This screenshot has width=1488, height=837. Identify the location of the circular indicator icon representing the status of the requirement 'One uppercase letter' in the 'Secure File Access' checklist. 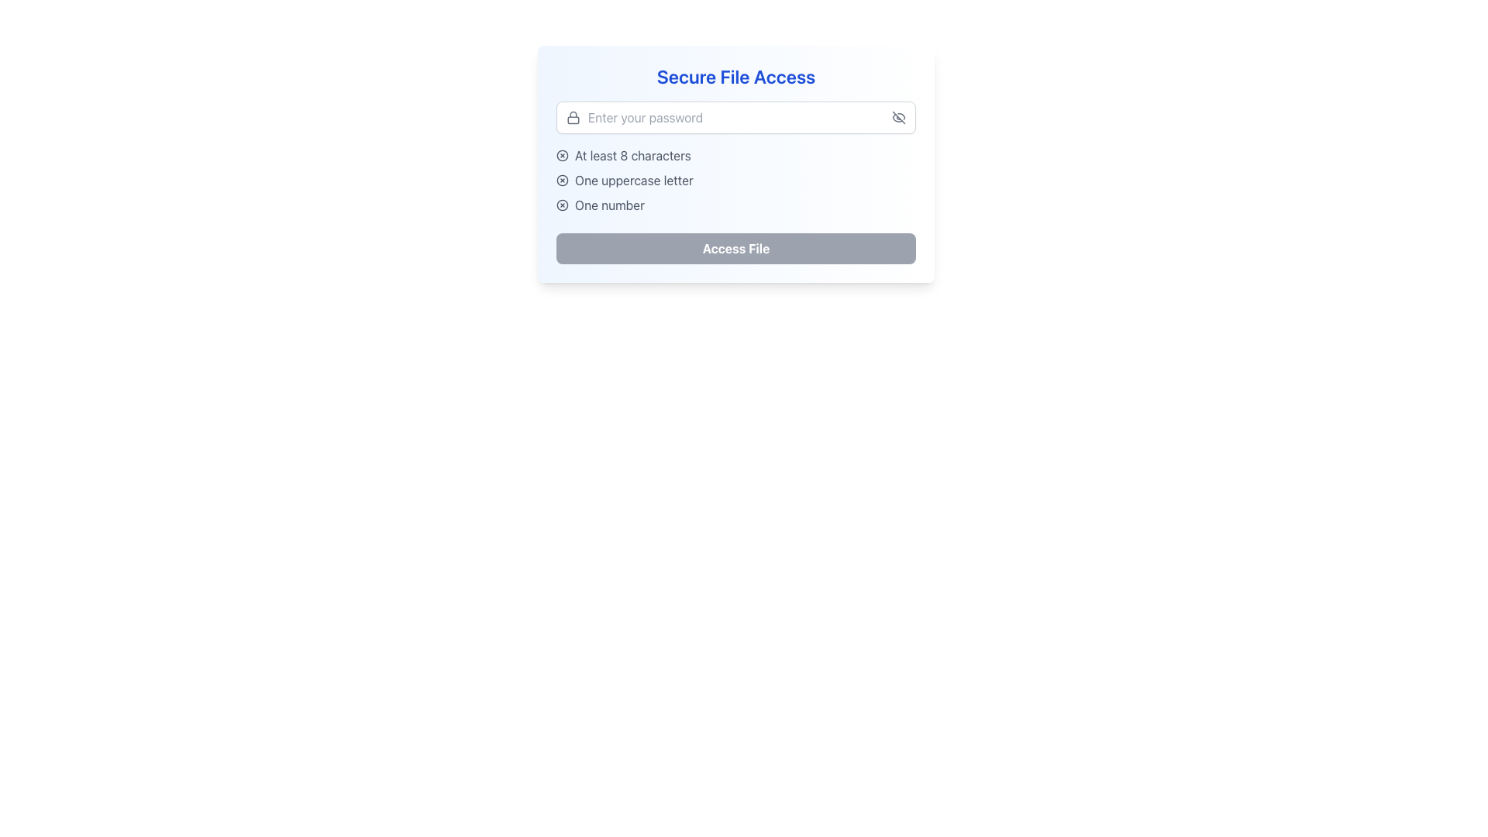
(561, 179).